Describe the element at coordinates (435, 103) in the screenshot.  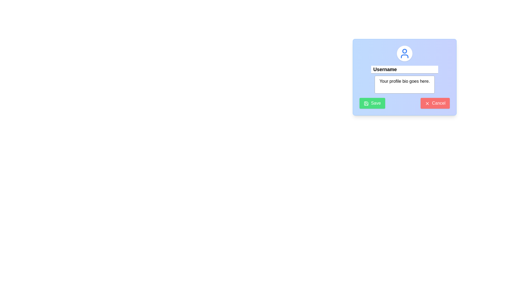
I see `the cancel button located at the bottom-right corner of the modal, directly to the right of the green 'Save' button` at that location.